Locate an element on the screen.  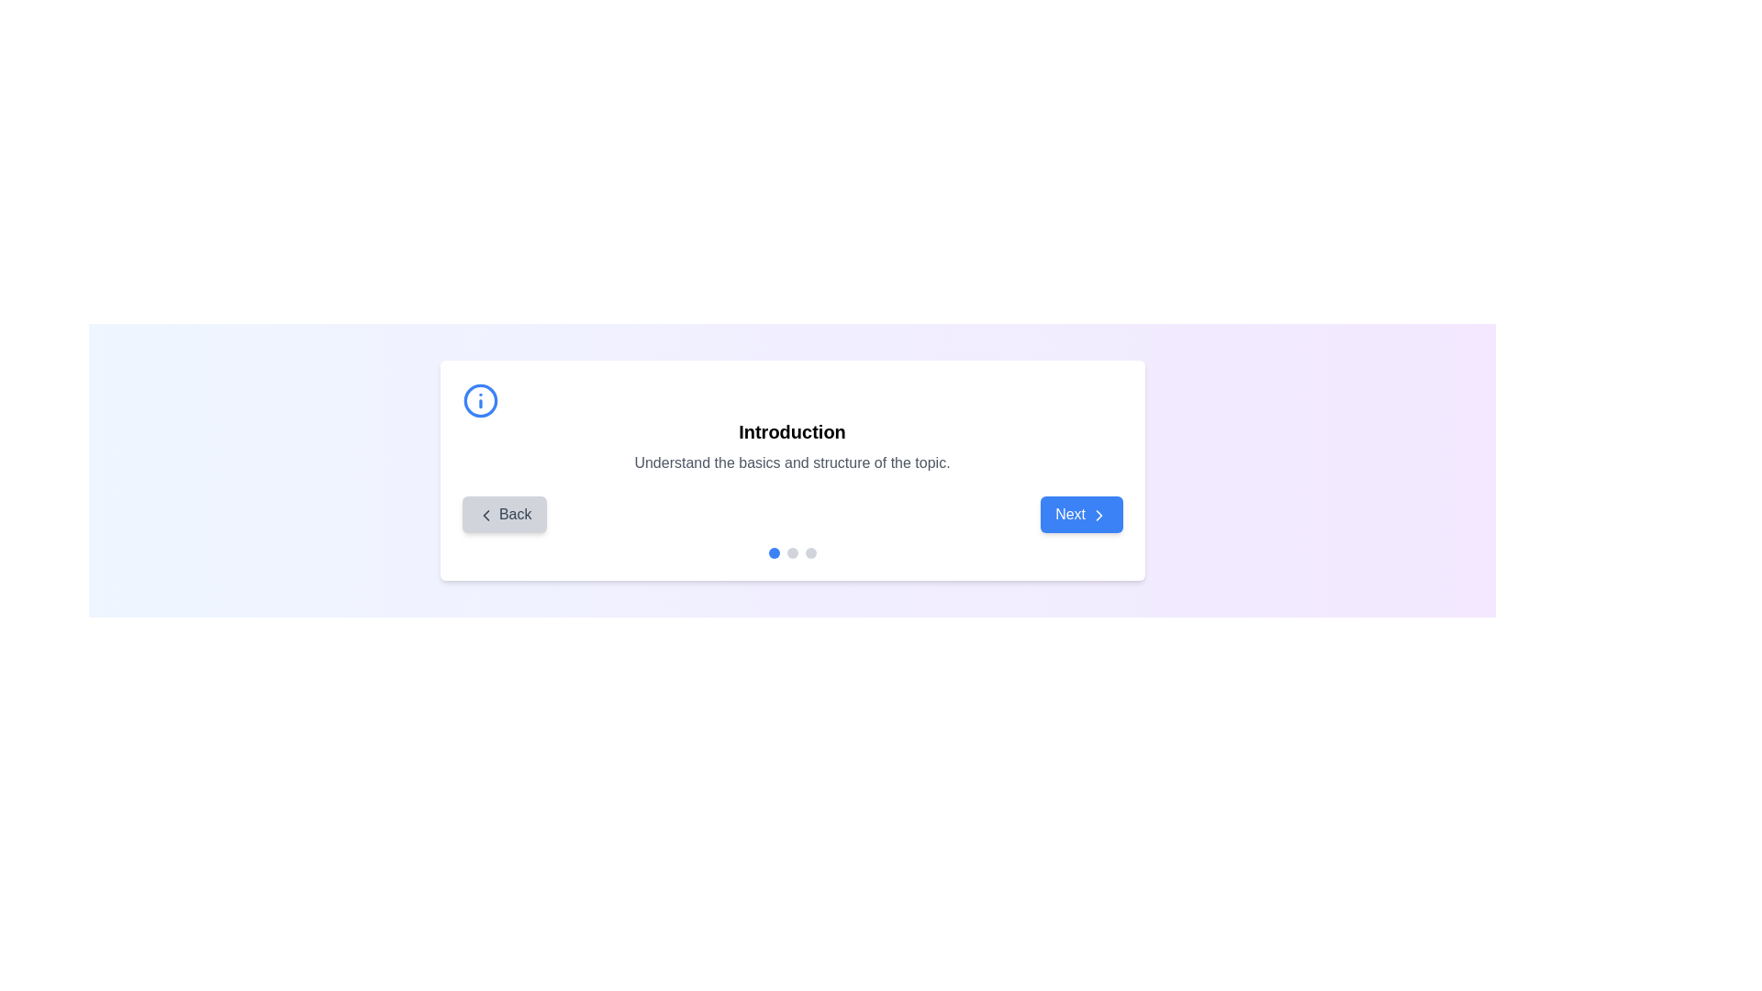
the inactive state indicator circle, which is the middle element in a group of three circular indicators, positioned horizontally in a card-like interface is located at coordinates (792, 551).